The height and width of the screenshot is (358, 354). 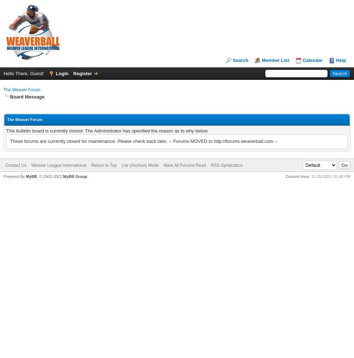 I want to click on '11-25-2023, 01:40 PM', so click(x=310, y=176).